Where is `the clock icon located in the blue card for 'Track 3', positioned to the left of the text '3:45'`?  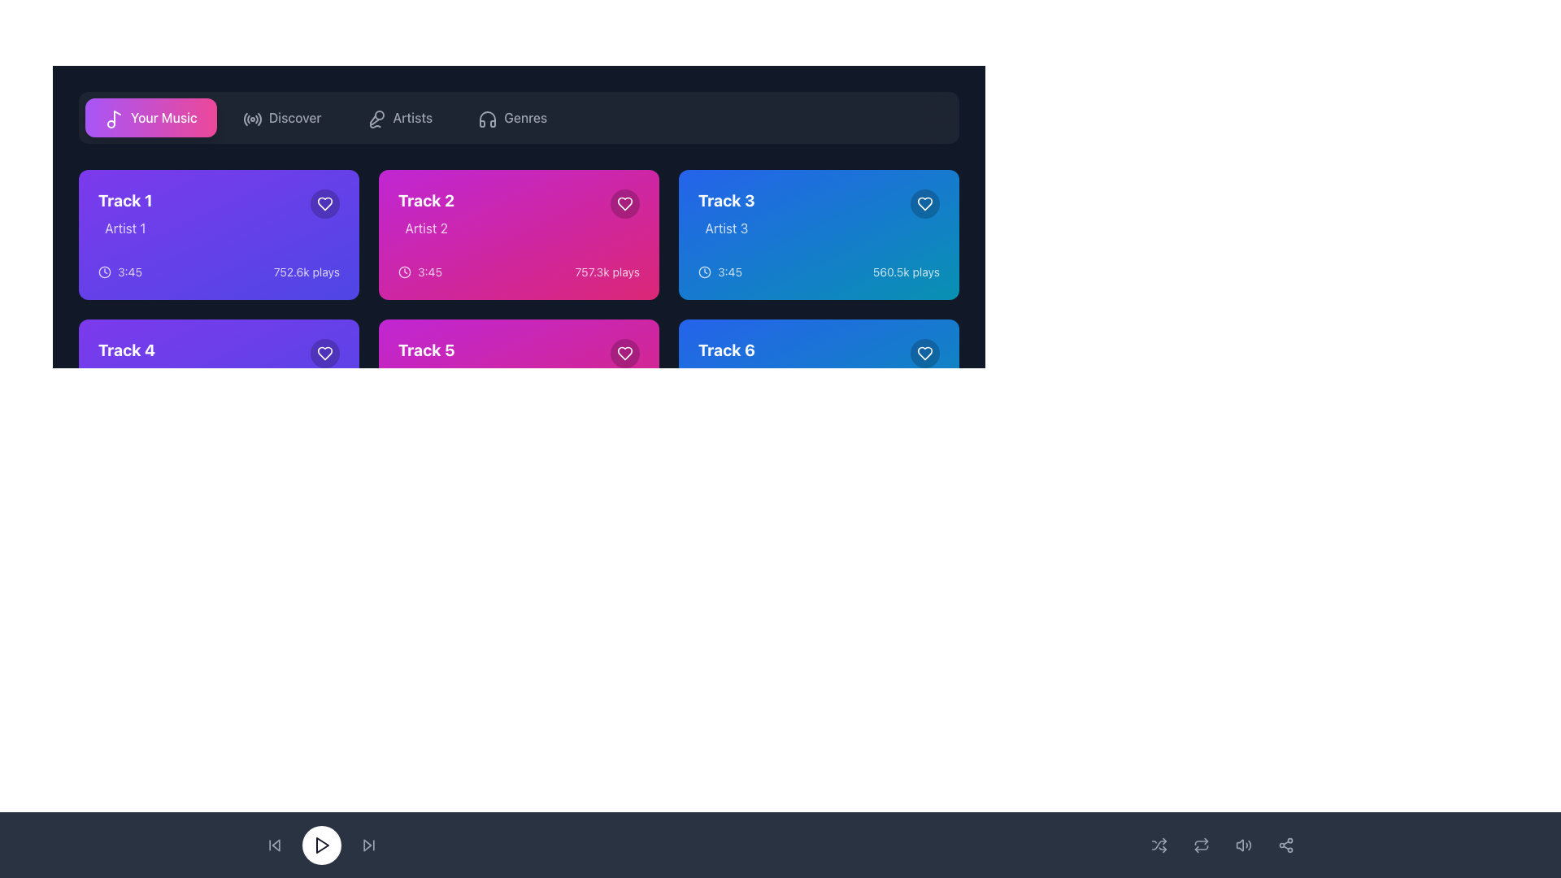 the clock icon located in the blue card for 'Track 3', positioned to the left of the text '3:45' is located at coordinates (705, 272).